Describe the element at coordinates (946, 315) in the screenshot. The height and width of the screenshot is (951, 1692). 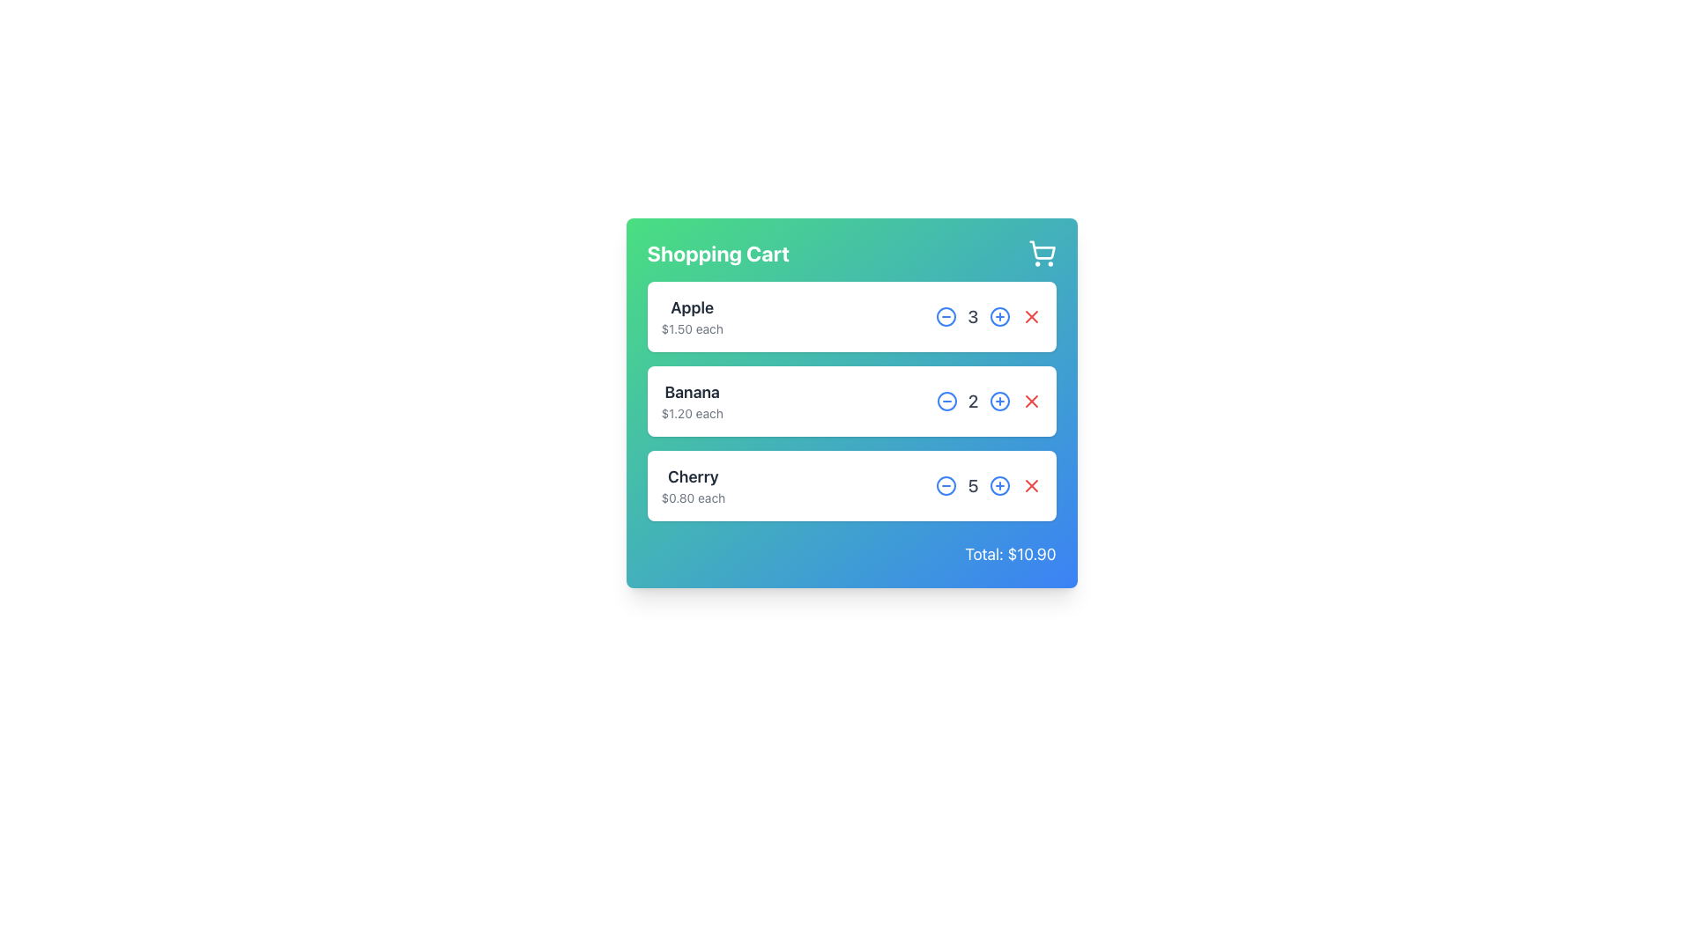
I see `the button that decreases the quantity of the shopping cart item, located to the immediate left of the quantity number '3' and to the right of the item name 'Apple'` at that location.